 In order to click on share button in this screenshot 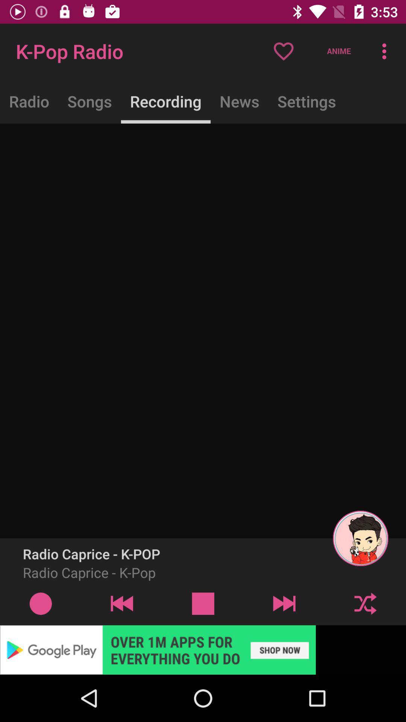, I will do `click(365, 603)`.